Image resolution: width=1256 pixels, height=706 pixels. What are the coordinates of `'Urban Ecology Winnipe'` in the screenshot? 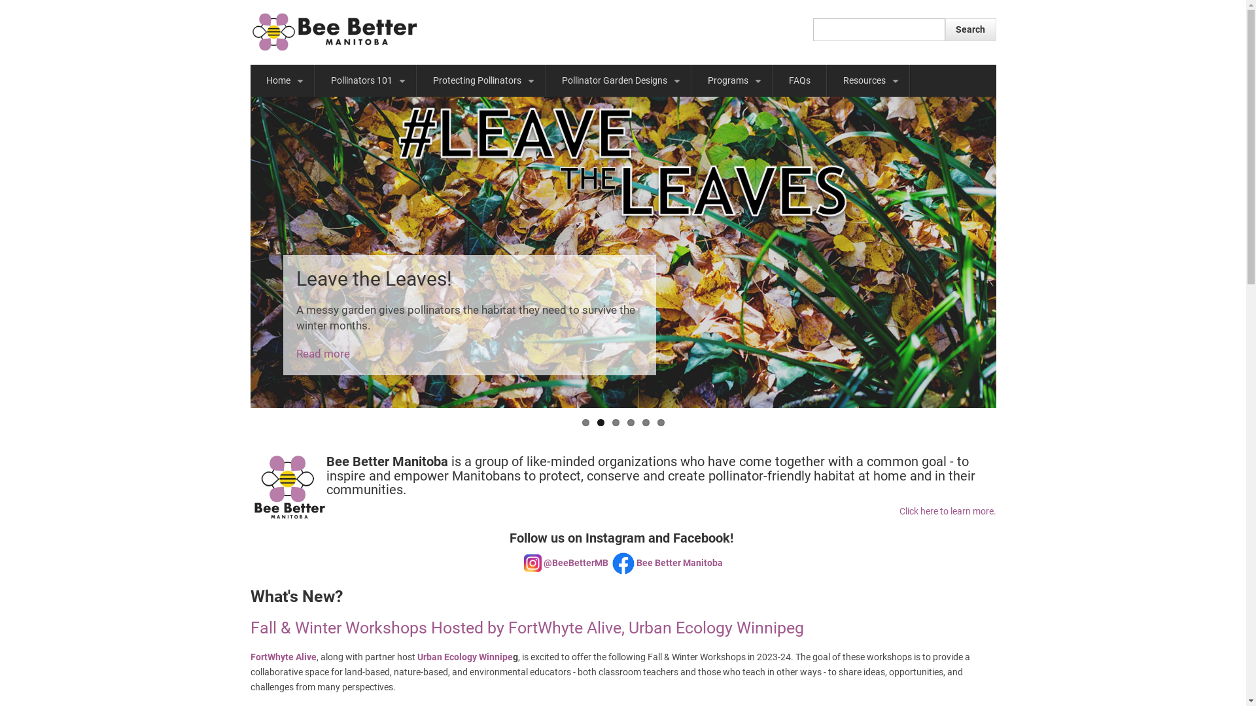 It's located at (464, 657).